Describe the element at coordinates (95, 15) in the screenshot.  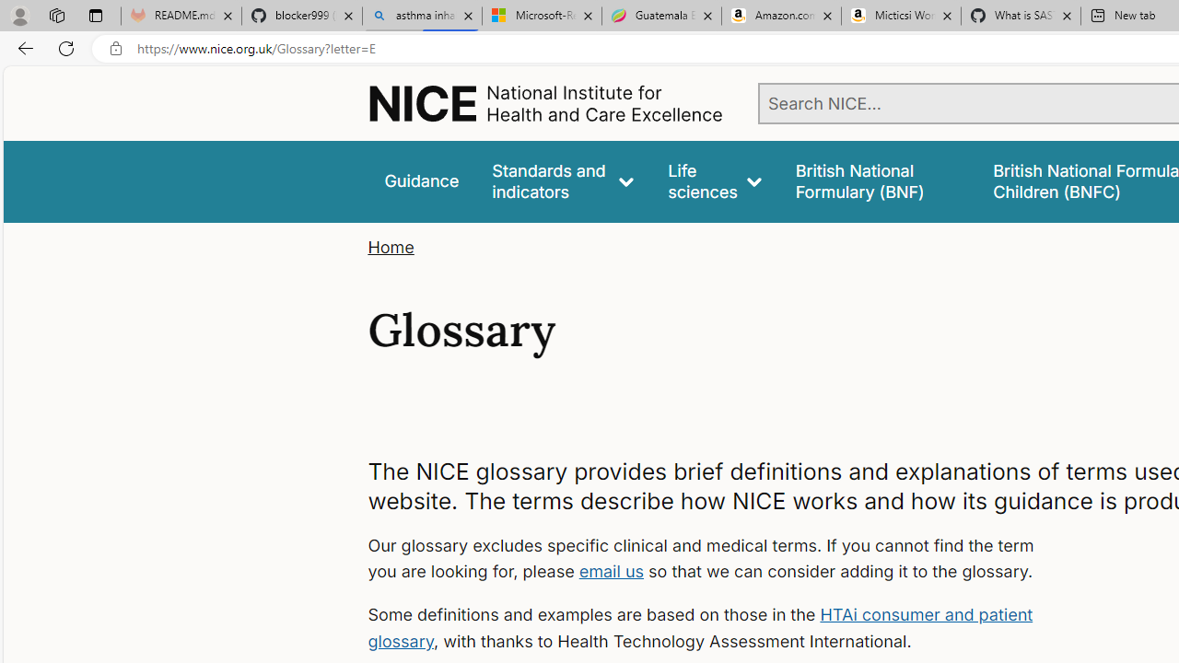
I see `'Tab actions menu'` at that location.